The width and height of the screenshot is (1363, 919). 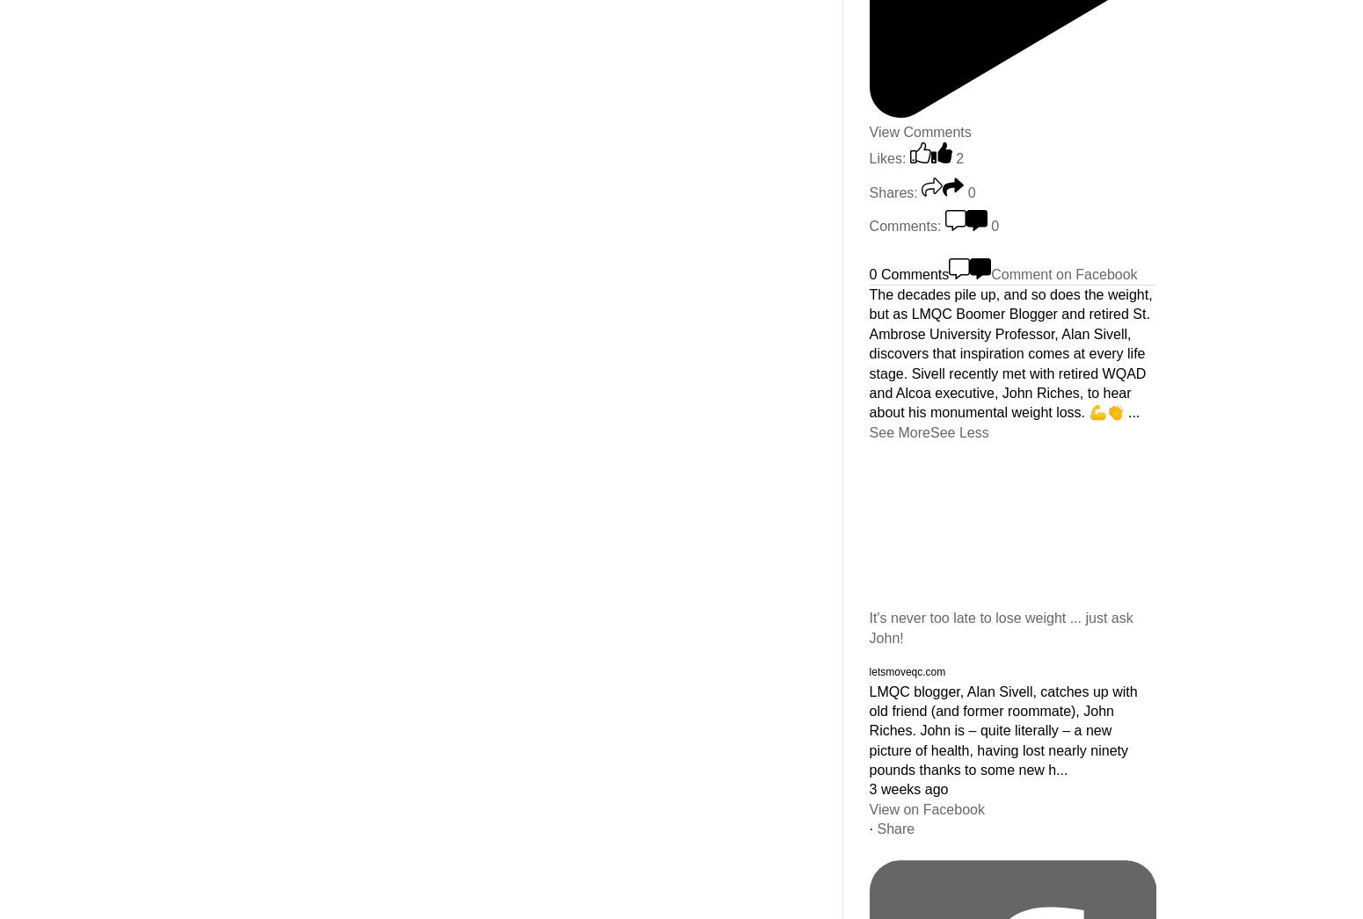 What do you see at coordinates (867, 191) in the screenshot?
I see `'Shares:'` at bounding box center [867, 191].